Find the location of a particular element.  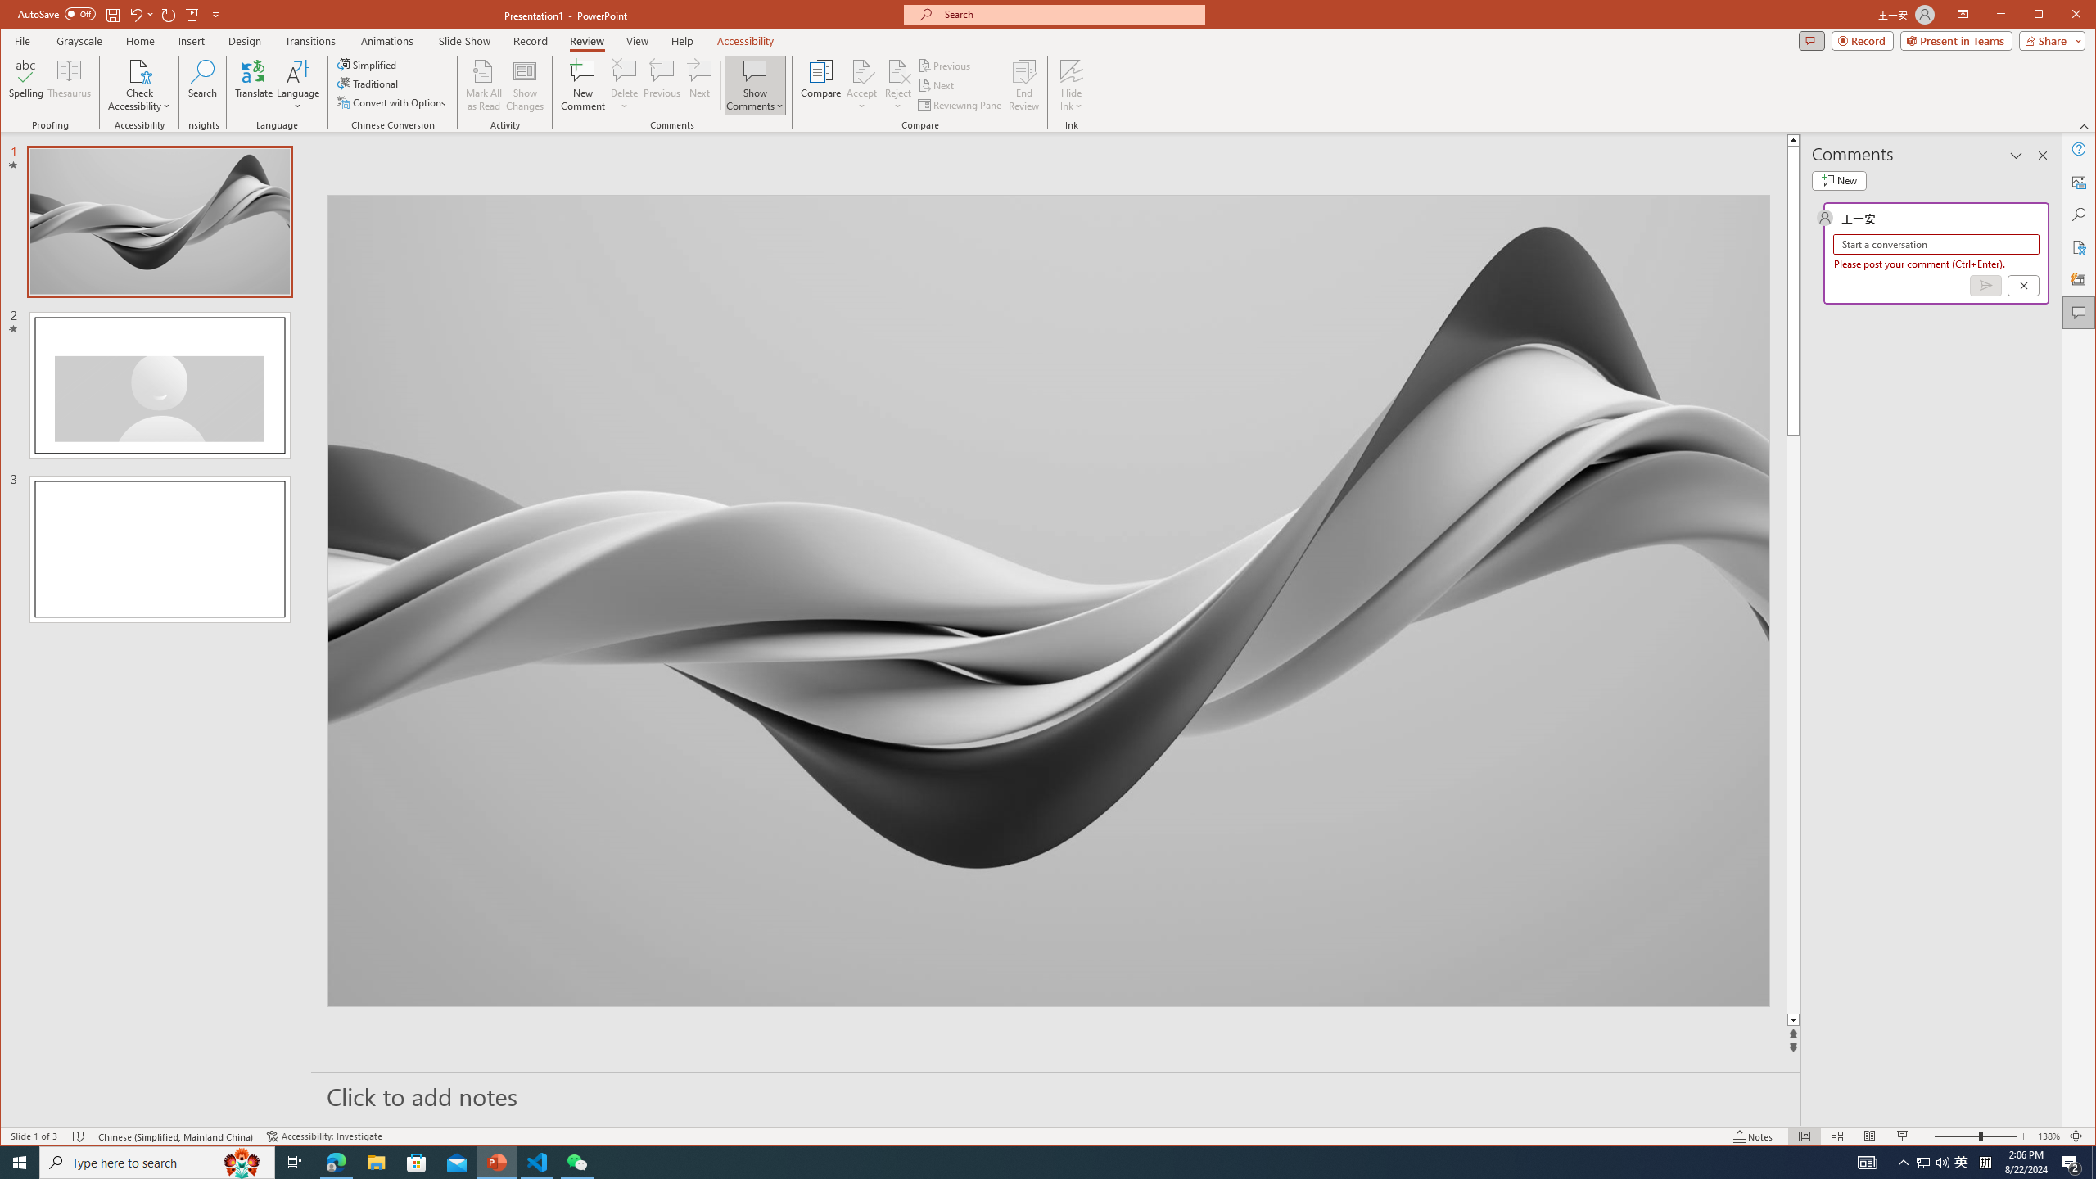

'Accept Change' is located at coordinates (861, 70).